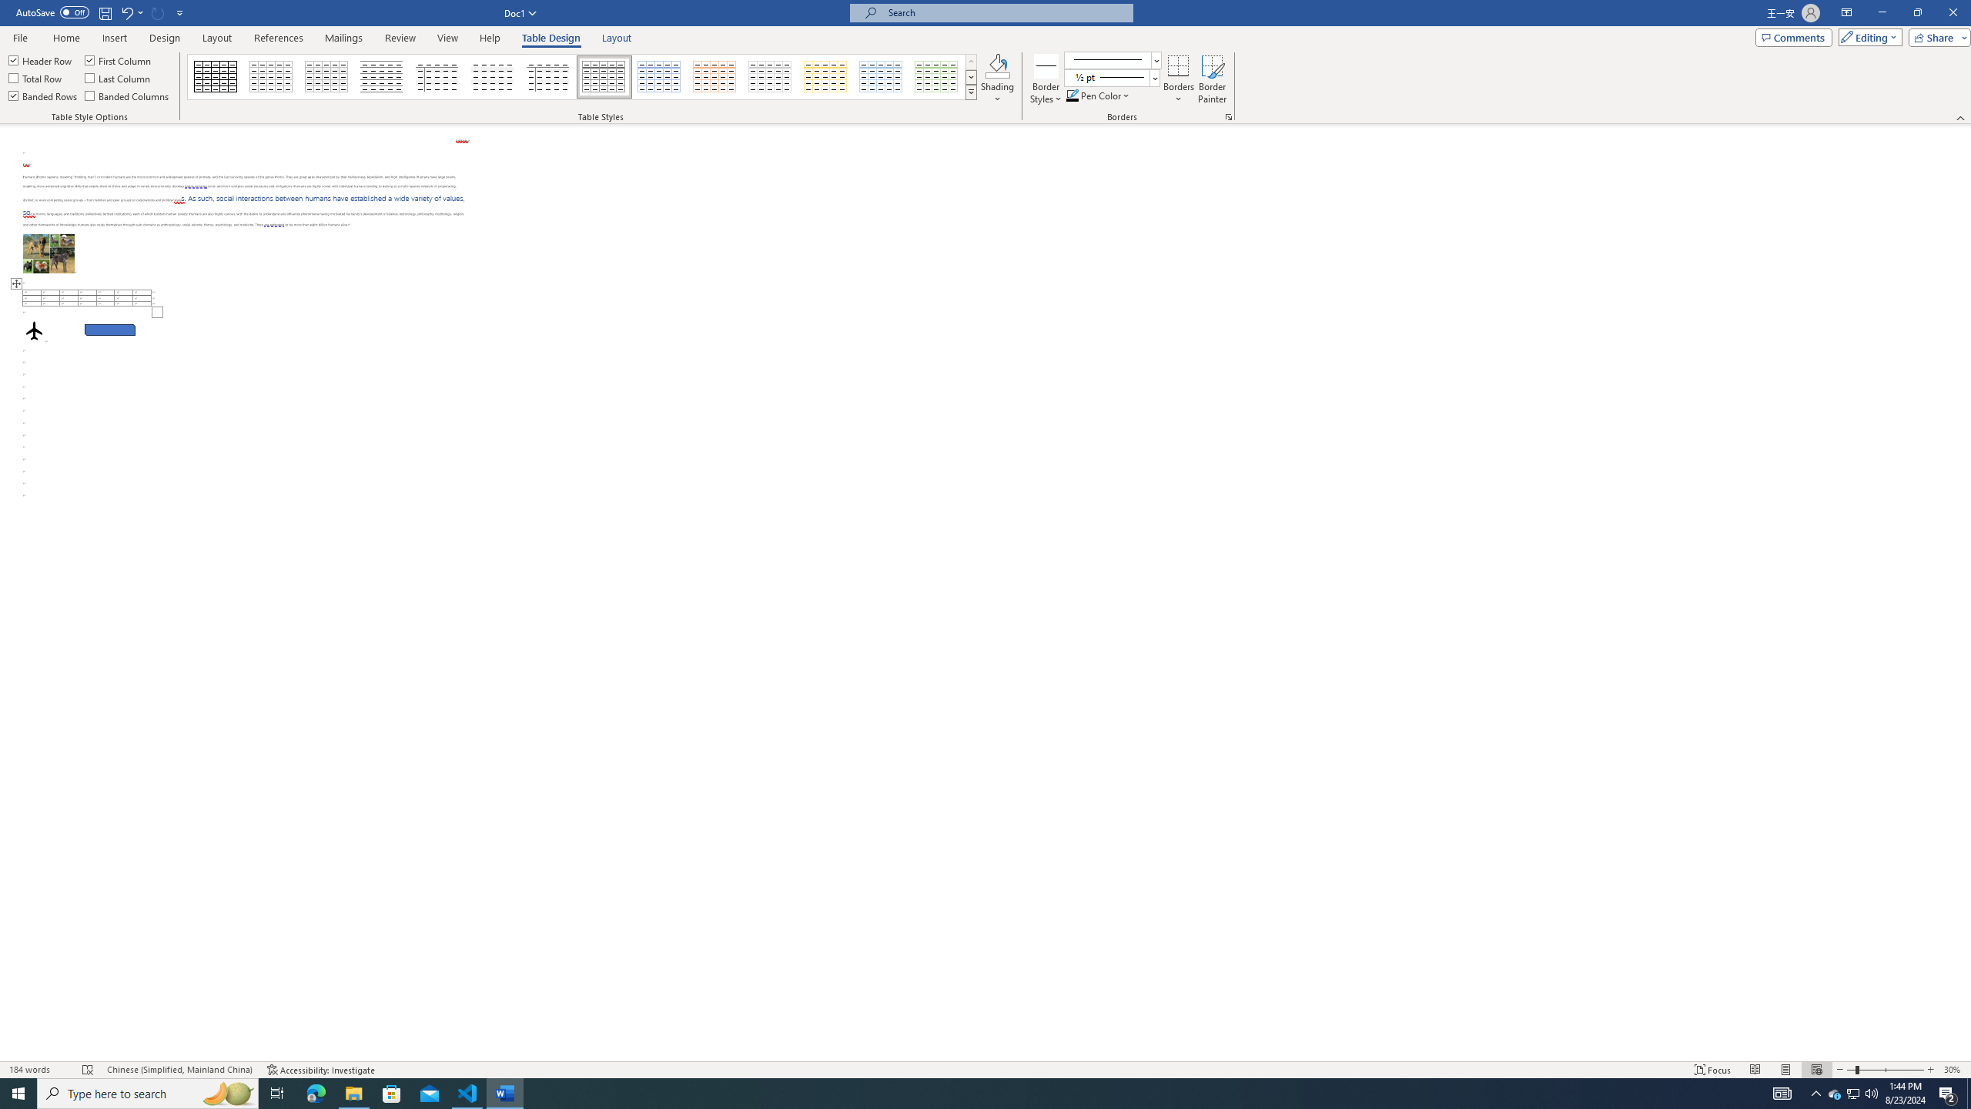 Image resolution: width=1971 pixels, height=1109 pixels. What do you see at coordinates (166, 38) in the screenshot?
I see `'Design'` at bounding box center [166, 38].